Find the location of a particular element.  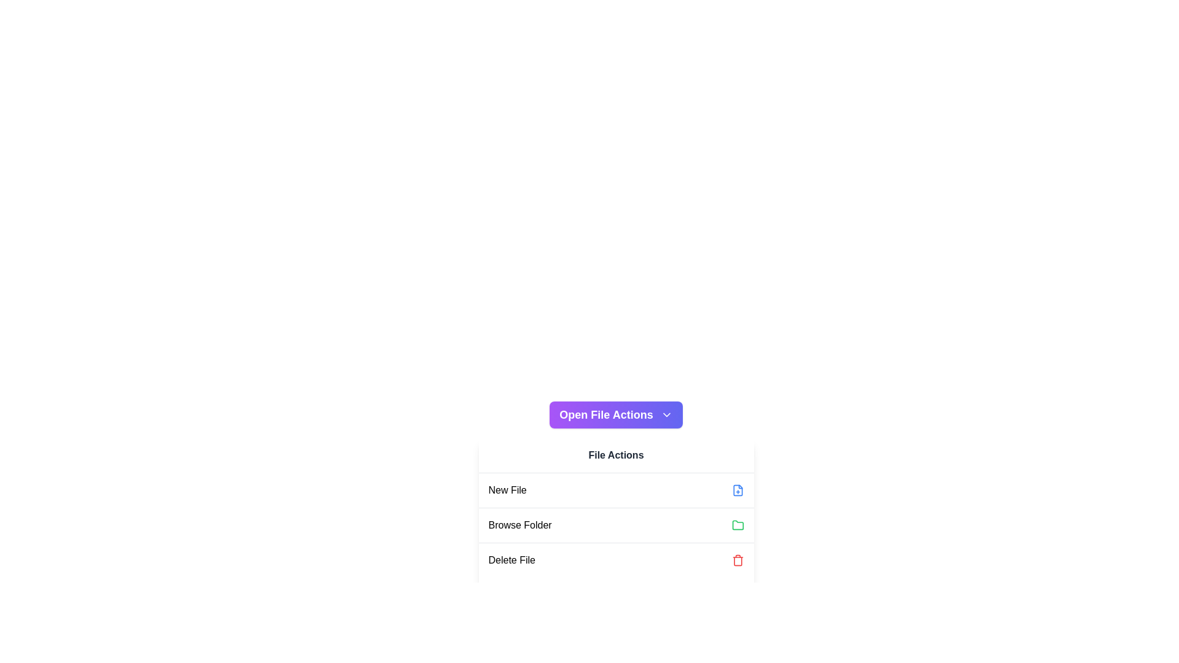

the 'New File' text label, which is styled in a standard sans-serif font and is the first entry in the list under the 'File Actions' heading is located at coordinates (507, 489).